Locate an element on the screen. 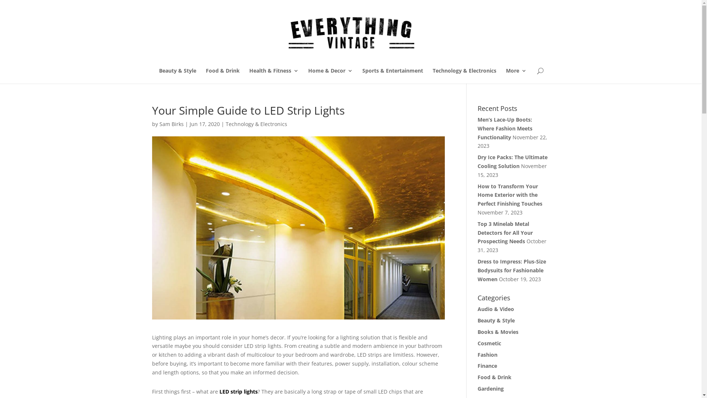 Image resolution: width=707 pixels, height=398 pixels. 'Gardening' is located at coordinates (477, 388).